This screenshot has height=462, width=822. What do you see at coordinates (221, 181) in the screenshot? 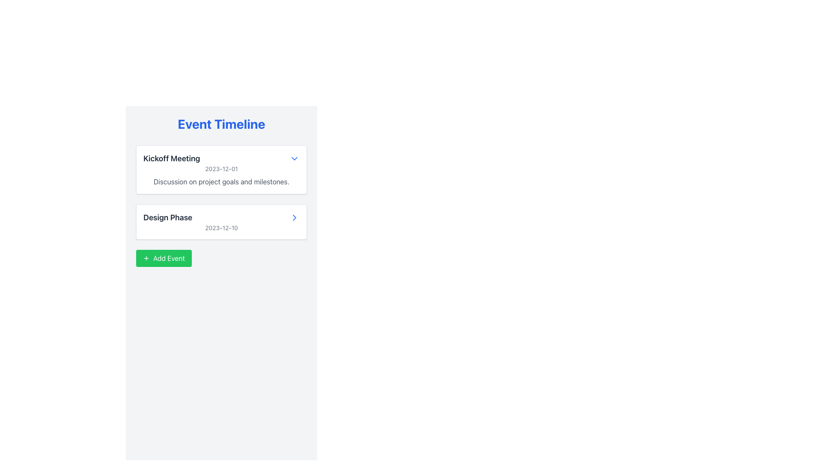
I see `the descriptive text label that provides additional details about the 'Kickoff Meeting' event, located below the '2023-12-01' date text within the 'Kickoff Meeting' card` at bounding box center [221, 181].